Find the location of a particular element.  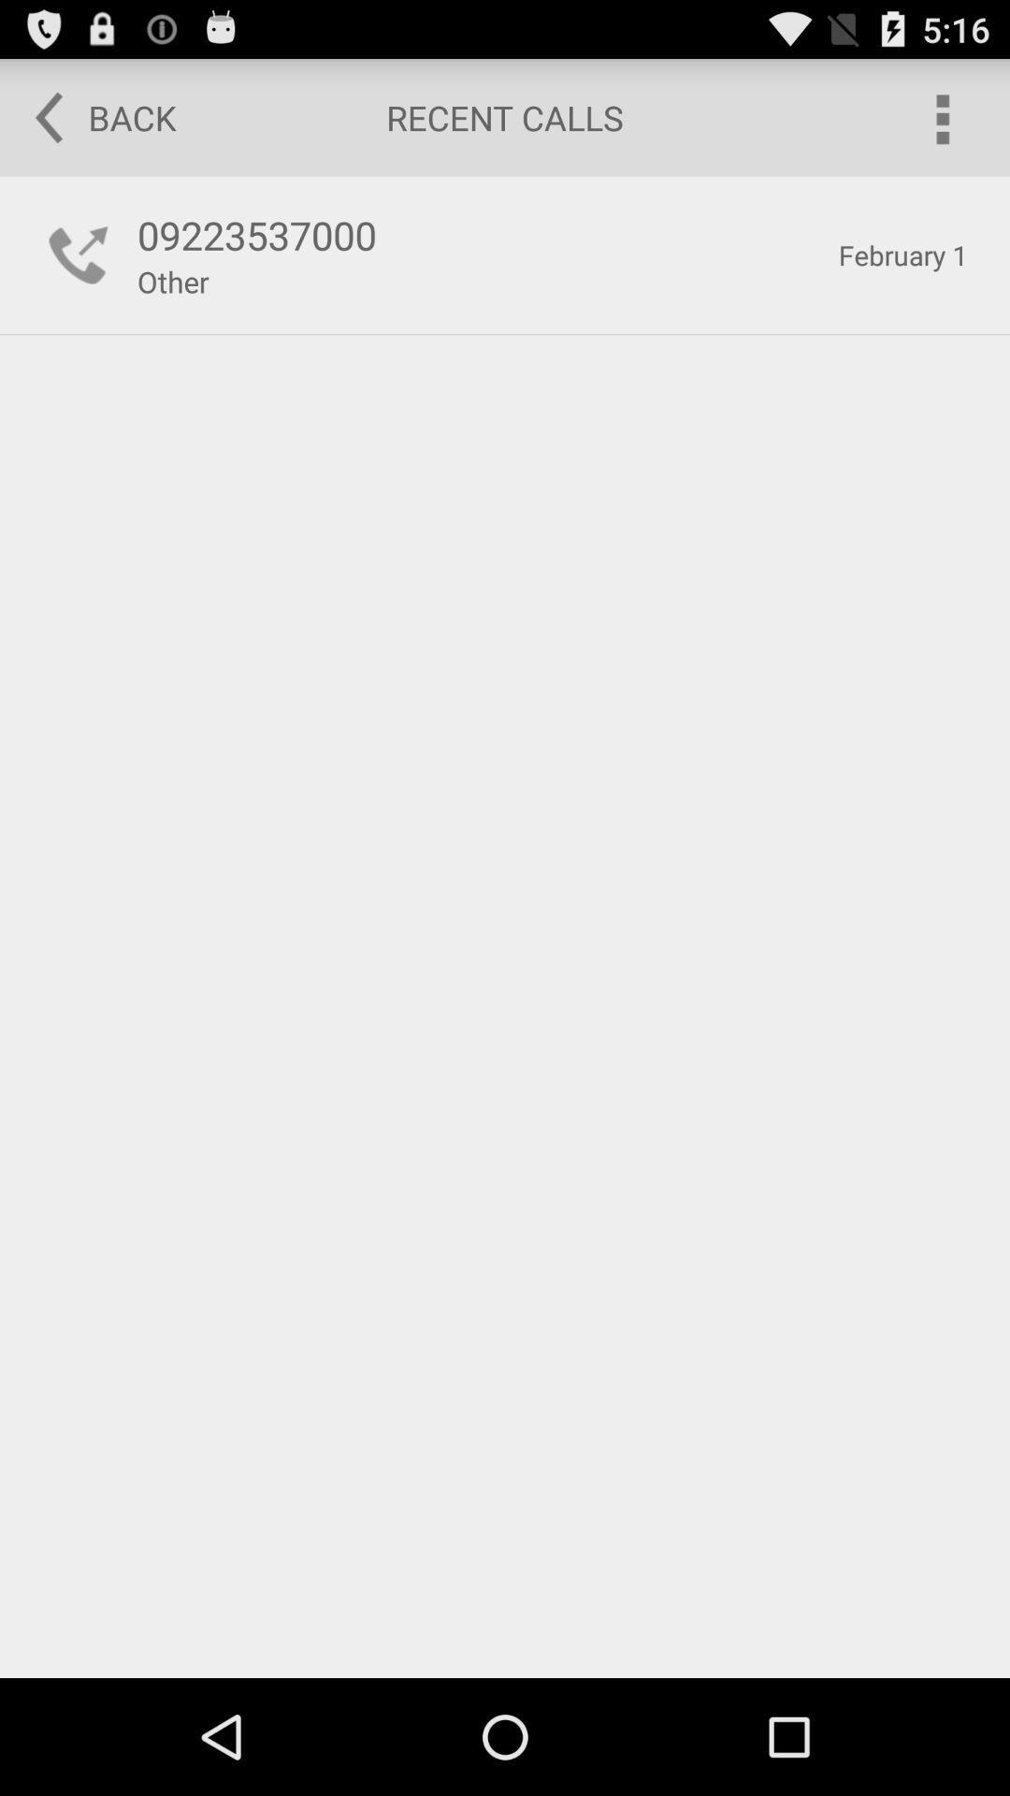

the icon below back is located at coordinates (78, 254).